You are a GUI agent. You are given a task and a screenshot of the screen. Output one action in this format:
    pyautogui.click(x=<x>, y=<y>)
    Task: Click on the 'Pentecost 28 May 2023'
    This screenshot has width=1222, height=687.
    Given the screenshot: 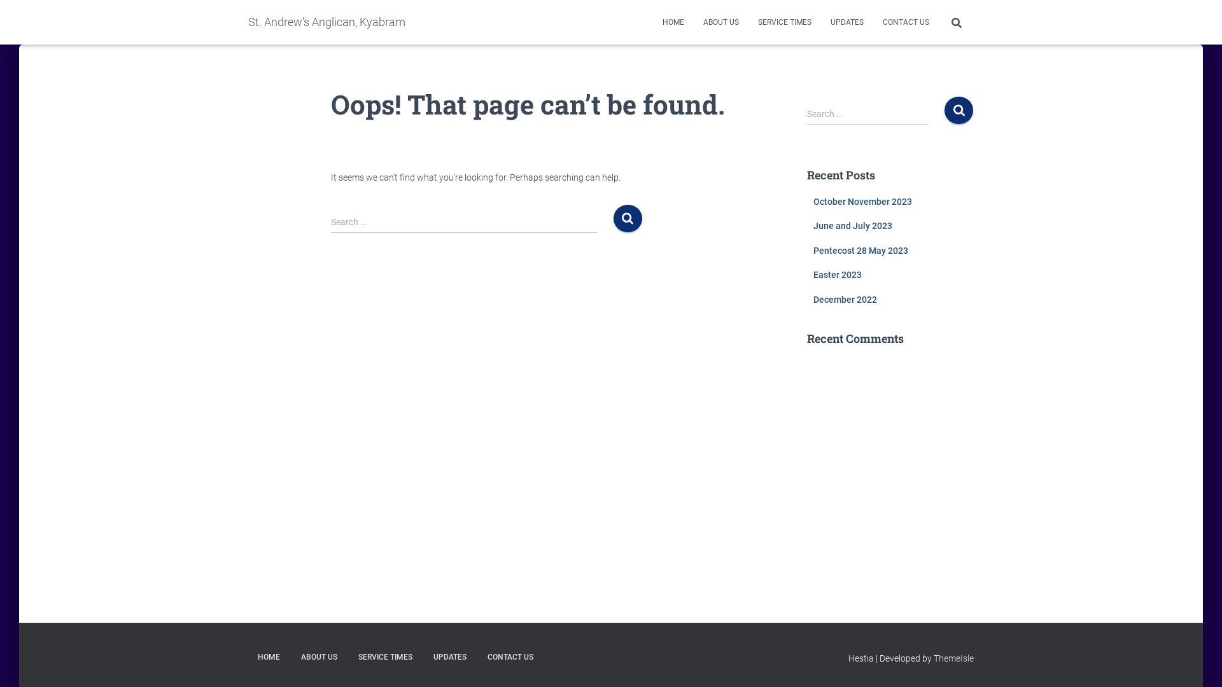 What is the action you would take?
    pyautogui.click(x=812, y=250)
    